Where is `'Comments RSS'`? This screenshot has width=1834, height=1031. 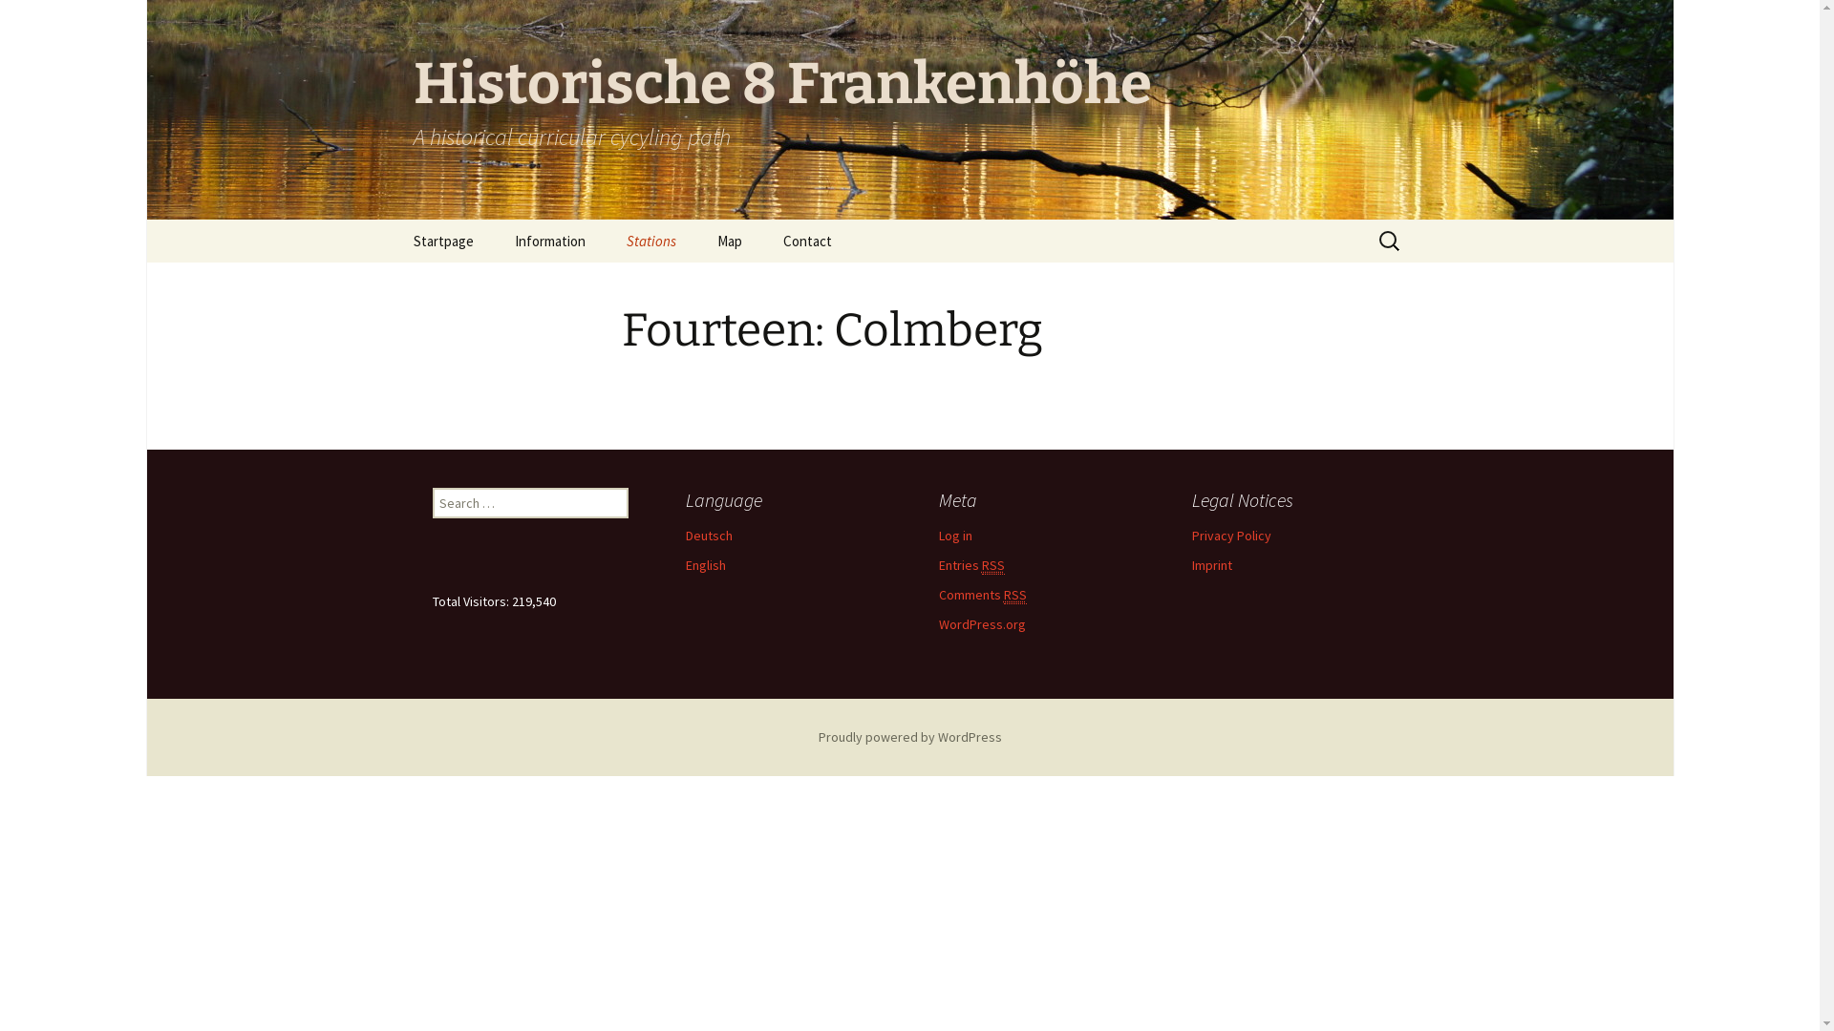
'Comments RSS' is located at coordinates (981, 594).